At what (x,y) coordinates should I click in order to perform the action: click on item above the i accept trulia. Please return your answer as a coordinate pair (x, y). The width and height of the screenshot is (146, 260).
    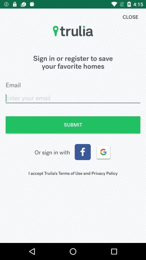
    Looking at the image, I should click on (83, 152).